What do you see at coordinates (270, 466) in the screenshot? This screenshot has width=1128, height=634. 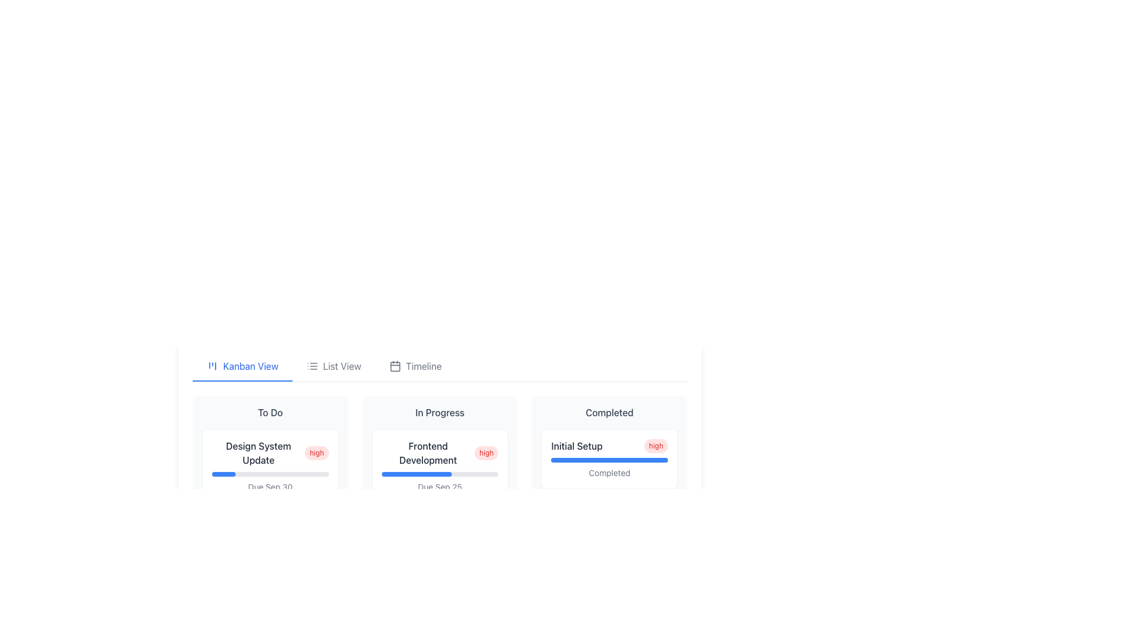 I see `the 'Design System Update' Task card` at bounding box center [270, 466].